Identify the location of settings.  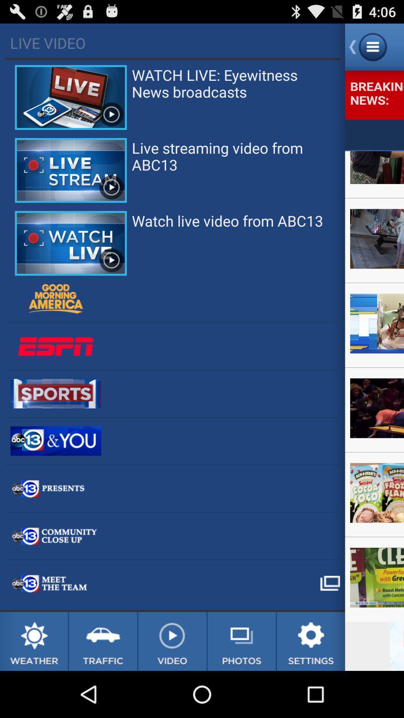
(311, 641).